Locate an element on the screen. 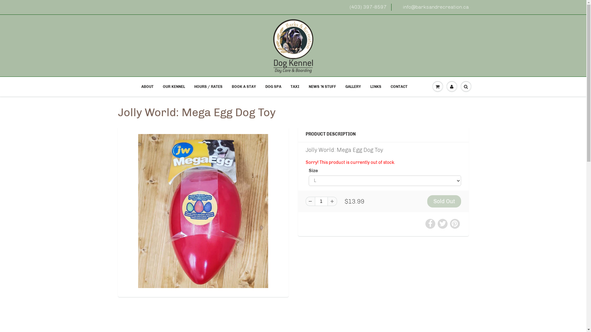 The image size is (591, 332). 'ABOUT' is located at coordinates (136, 86).